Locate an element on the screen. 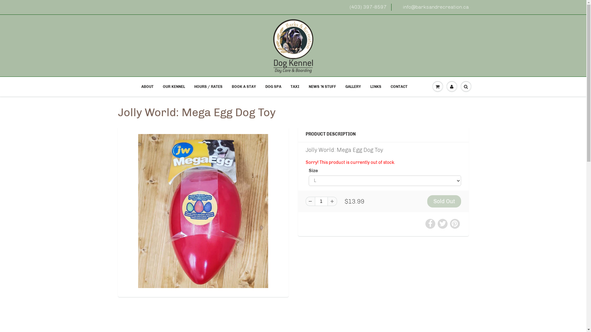 The image size is (591, 332). 'ABOUT' is located at coordinates (136, 86).